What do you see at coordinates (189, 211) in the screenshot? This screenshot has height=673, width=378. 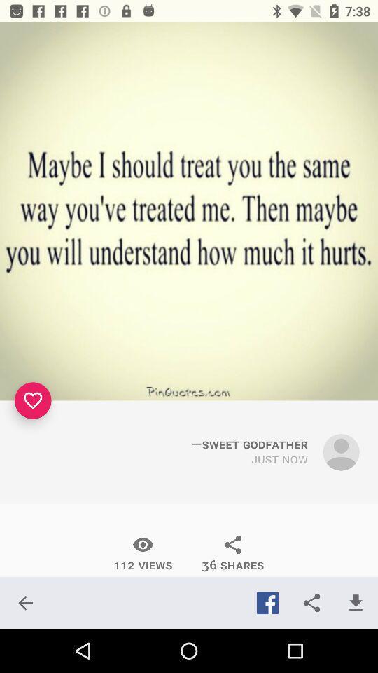 I see `this image was quotes` at bounding box center [189, 211].